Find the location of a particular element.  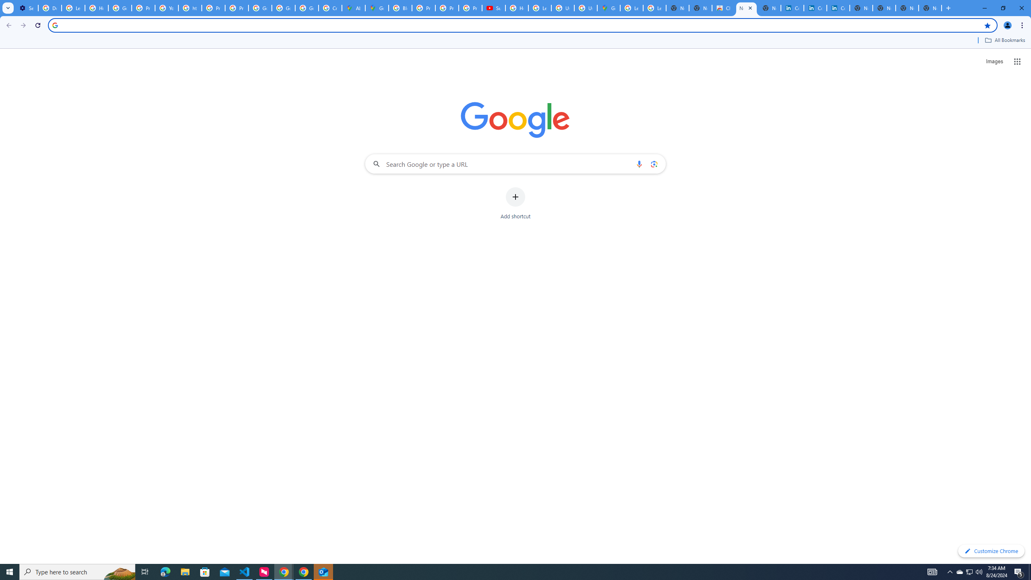

'Google Maps' is located at coordinates (609, 8).